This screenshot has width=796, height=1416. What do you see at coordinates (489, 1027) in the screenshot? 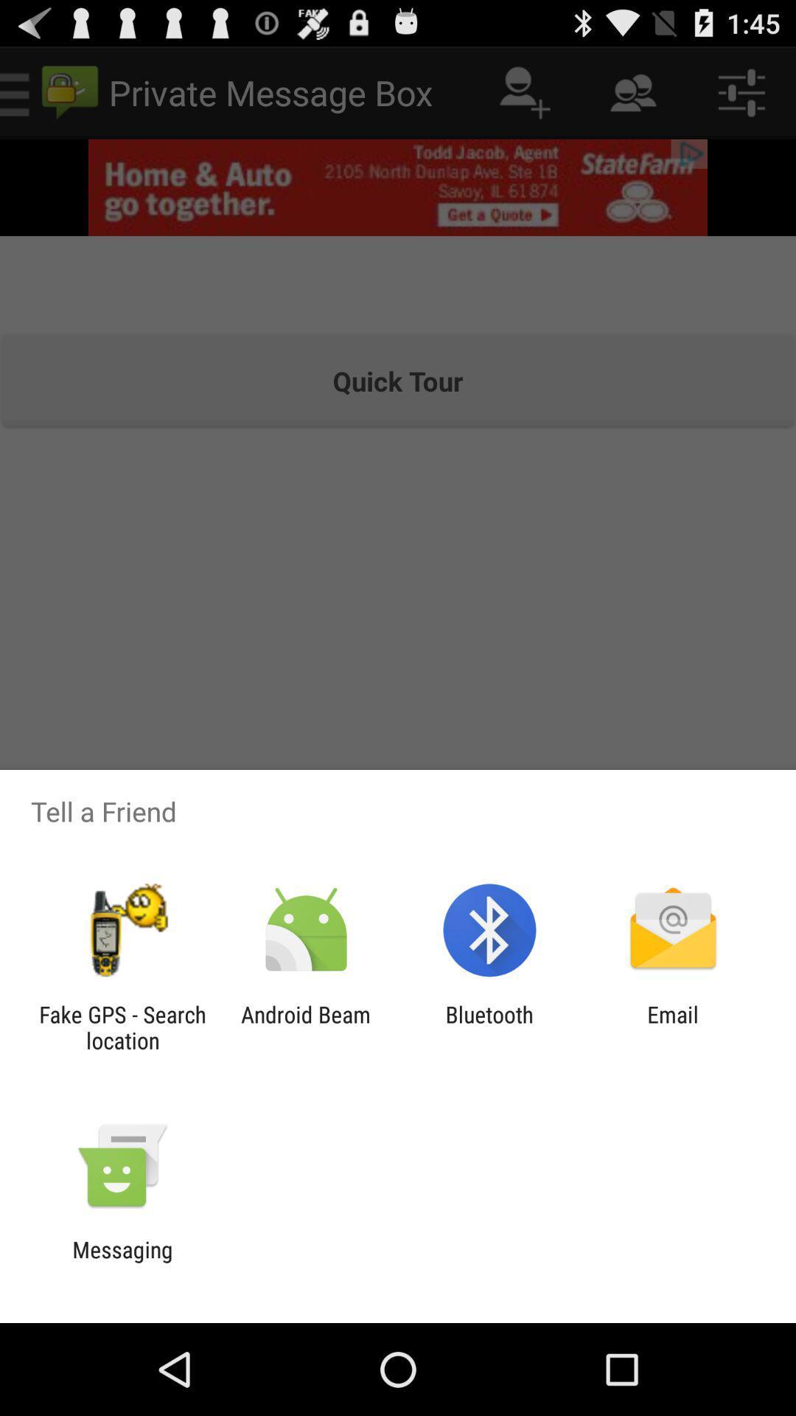
I see `the item to the left of the email` at bounding box center [489, 1027].